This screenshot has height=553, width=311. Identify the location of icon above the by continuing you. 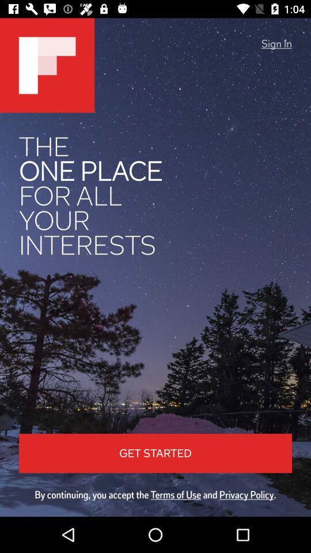
(276, 44).